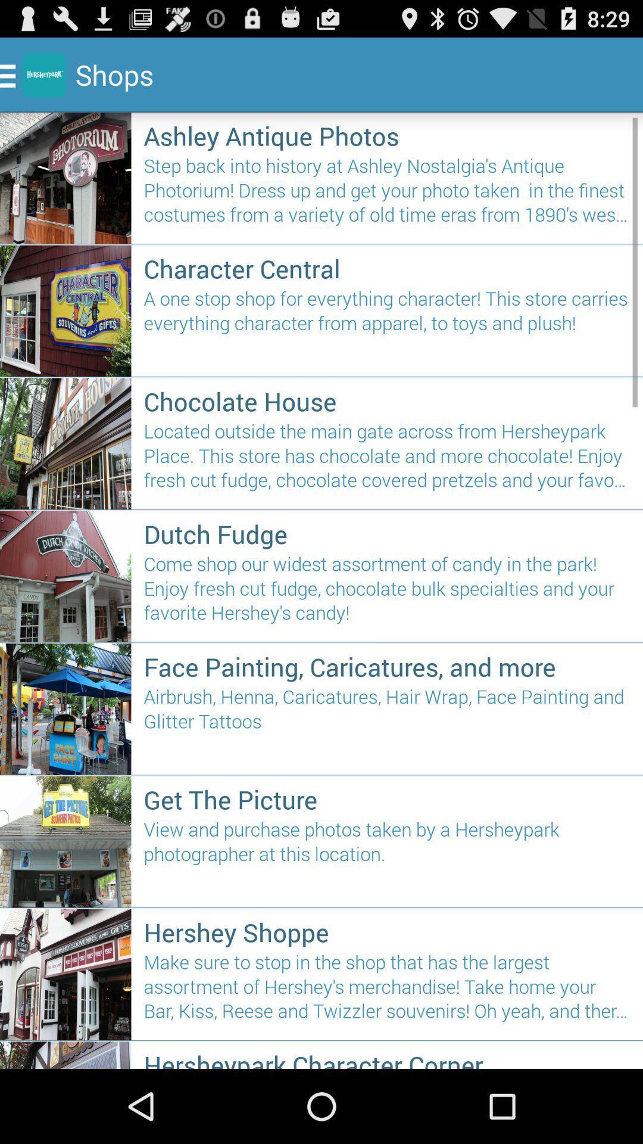 Image resolution: width=643 pixels, height=1144 pixels. What do you see at coordinates (387, 593) in the screenshot?
I see `come shop our icon` at bounding box center [387, 593].